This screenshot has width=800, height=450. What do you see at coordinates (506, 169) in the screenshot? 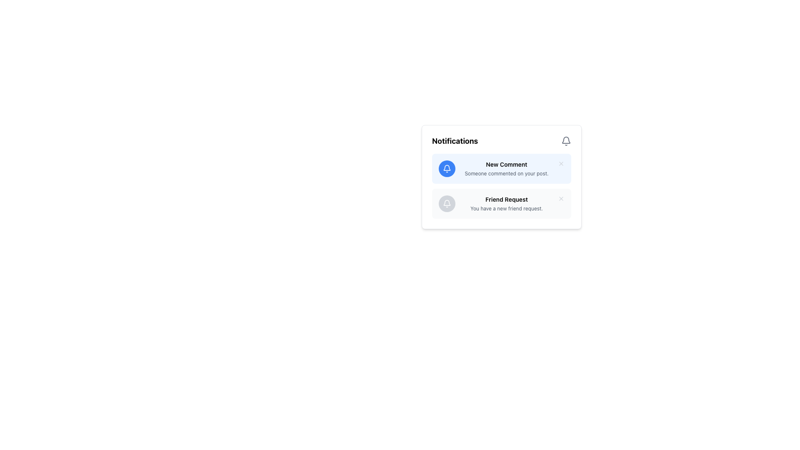
I see `the 'New Comment' notification item, which features a bold headline and smaller text inside a light blue rounded rectangle` at bounding box center [506, 169].